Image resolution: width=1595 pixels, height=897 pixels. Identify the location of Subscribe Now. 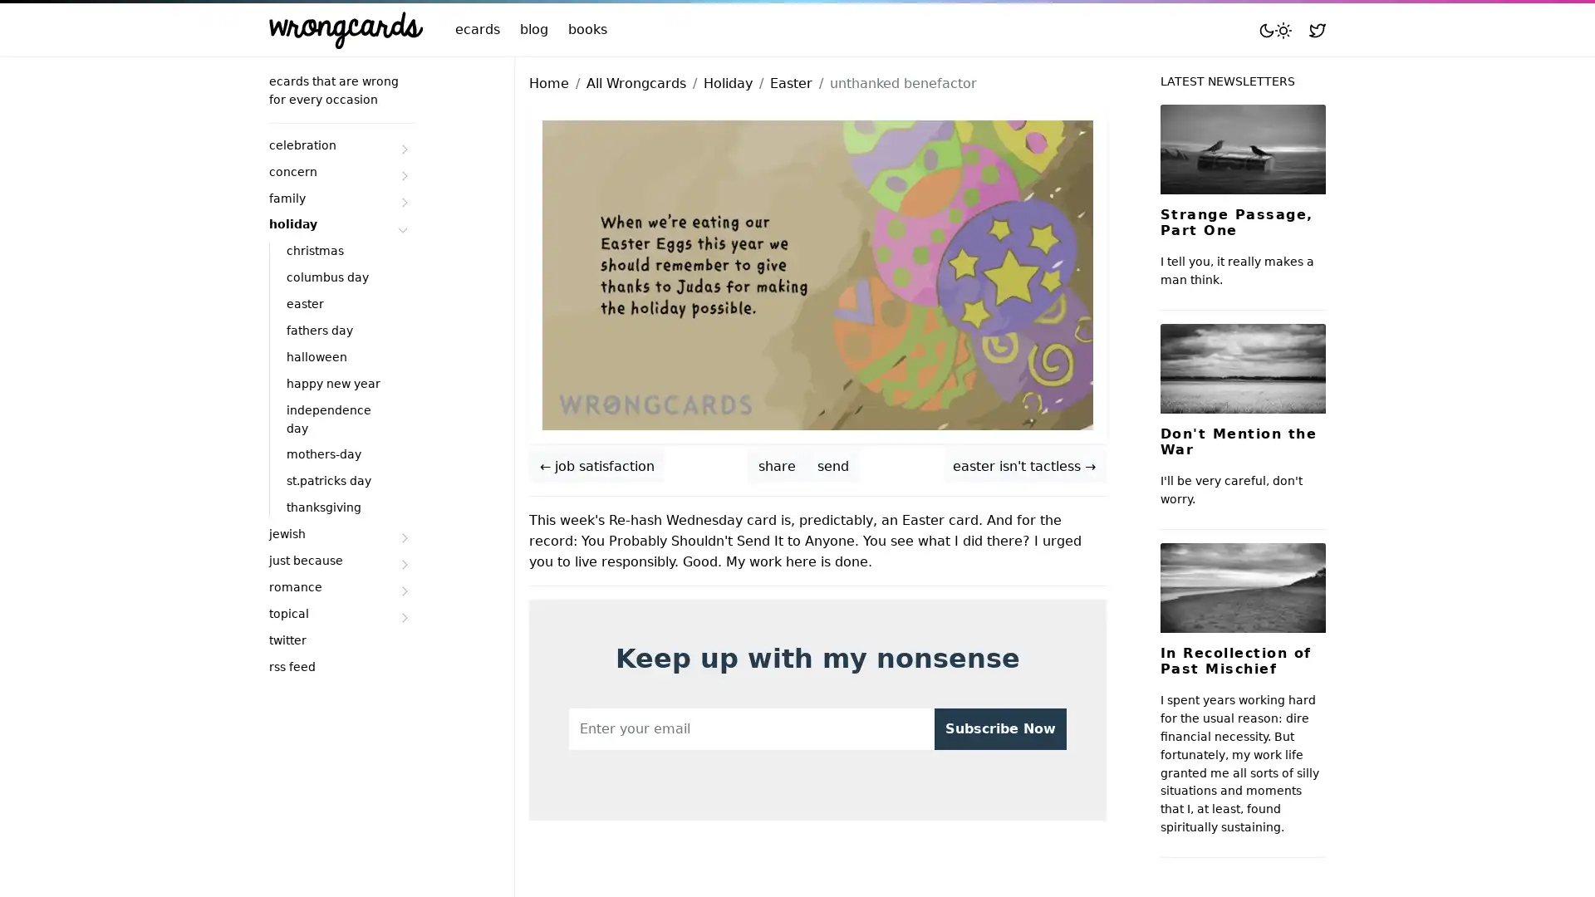
(999, 727).